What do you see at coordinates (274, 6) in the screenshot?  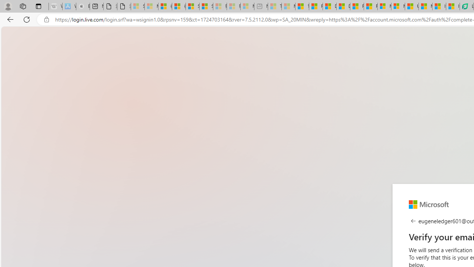 I see `'Top Stories - MSN - Sleeping'` at bounding box center [274, 6].